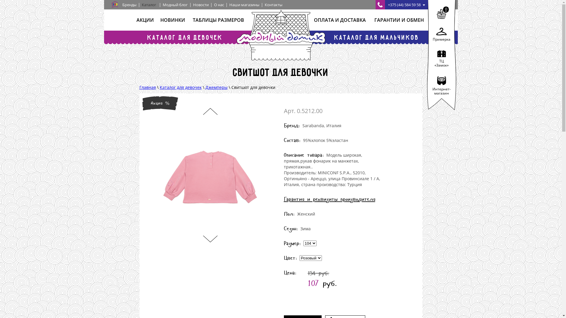  Describe the element at coordinates (375, 4) in the screenshot. I see `'+375 (44) 584 59 58'` at that location.